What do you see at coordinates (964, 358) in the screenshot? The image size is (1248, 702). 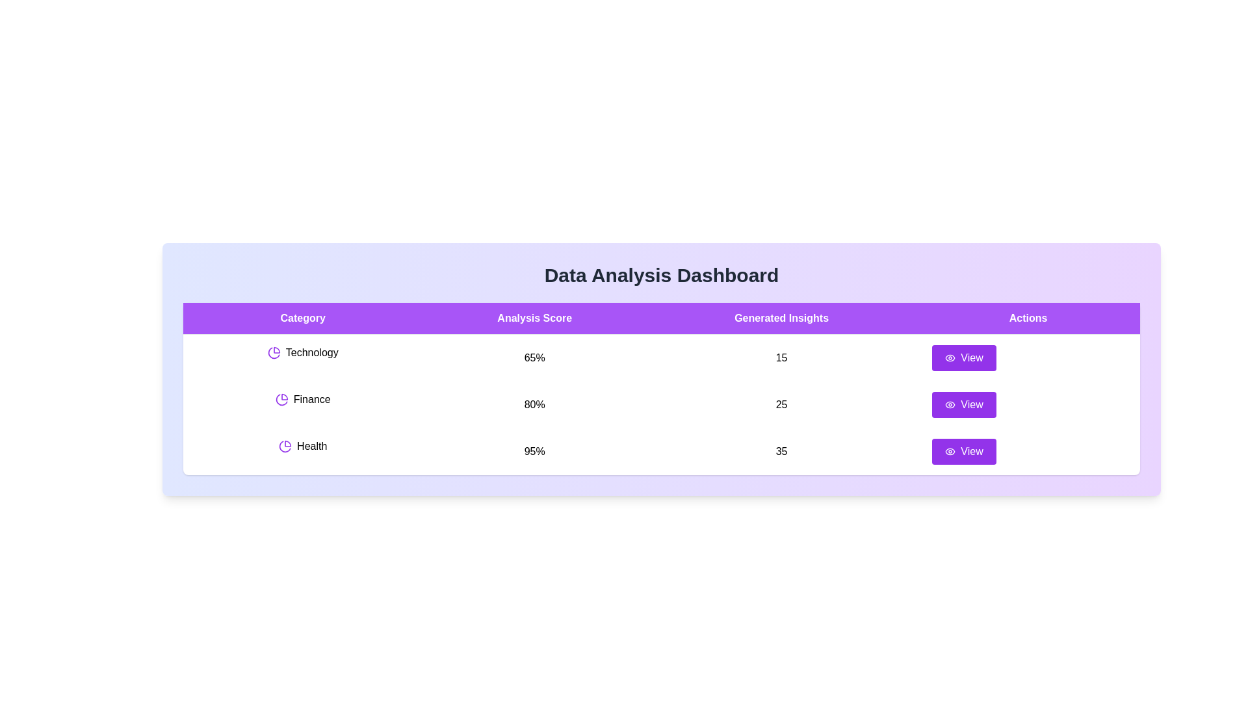 I see `'View' button for the row corresponding to Technology` at bounding box center [964, 358].